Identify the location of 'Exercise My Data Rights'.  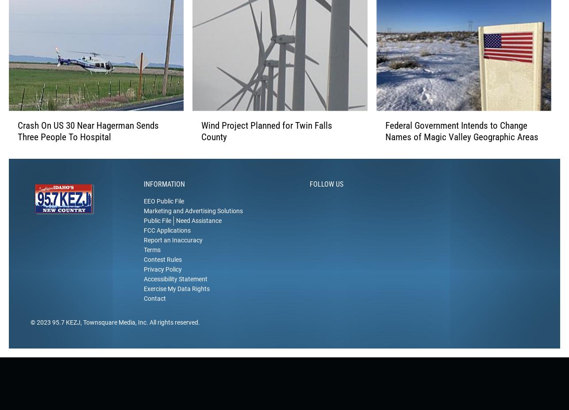
(176, 302).